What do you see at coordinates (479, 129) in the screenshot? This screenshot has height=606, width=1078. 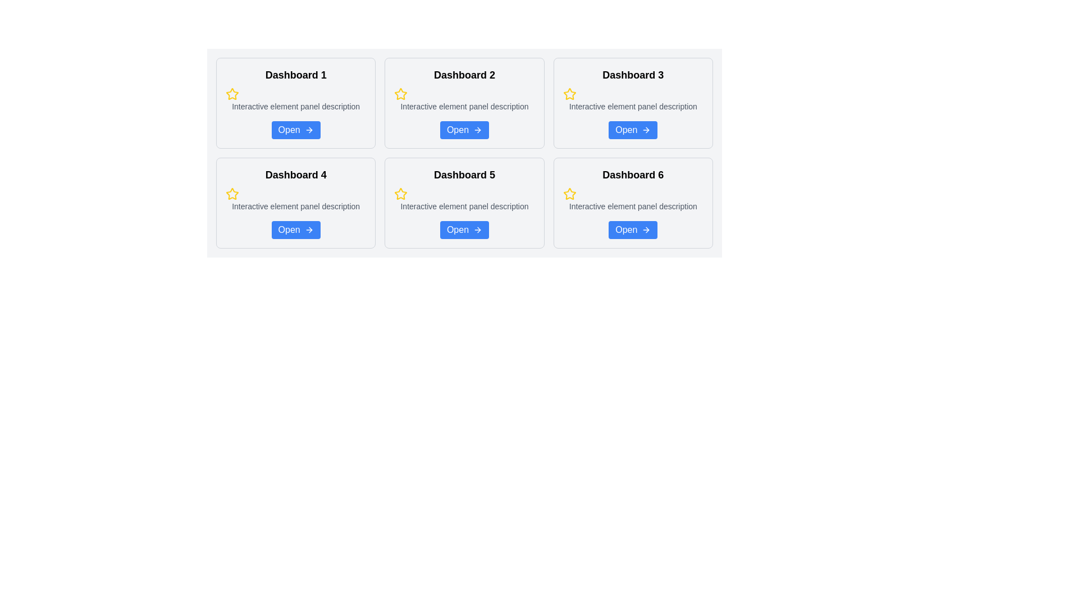 I see `the right-pointing arrow icon within the 'Open' button of the second dashboard in the first row of the grid layout` at bounding box center [479, 129].